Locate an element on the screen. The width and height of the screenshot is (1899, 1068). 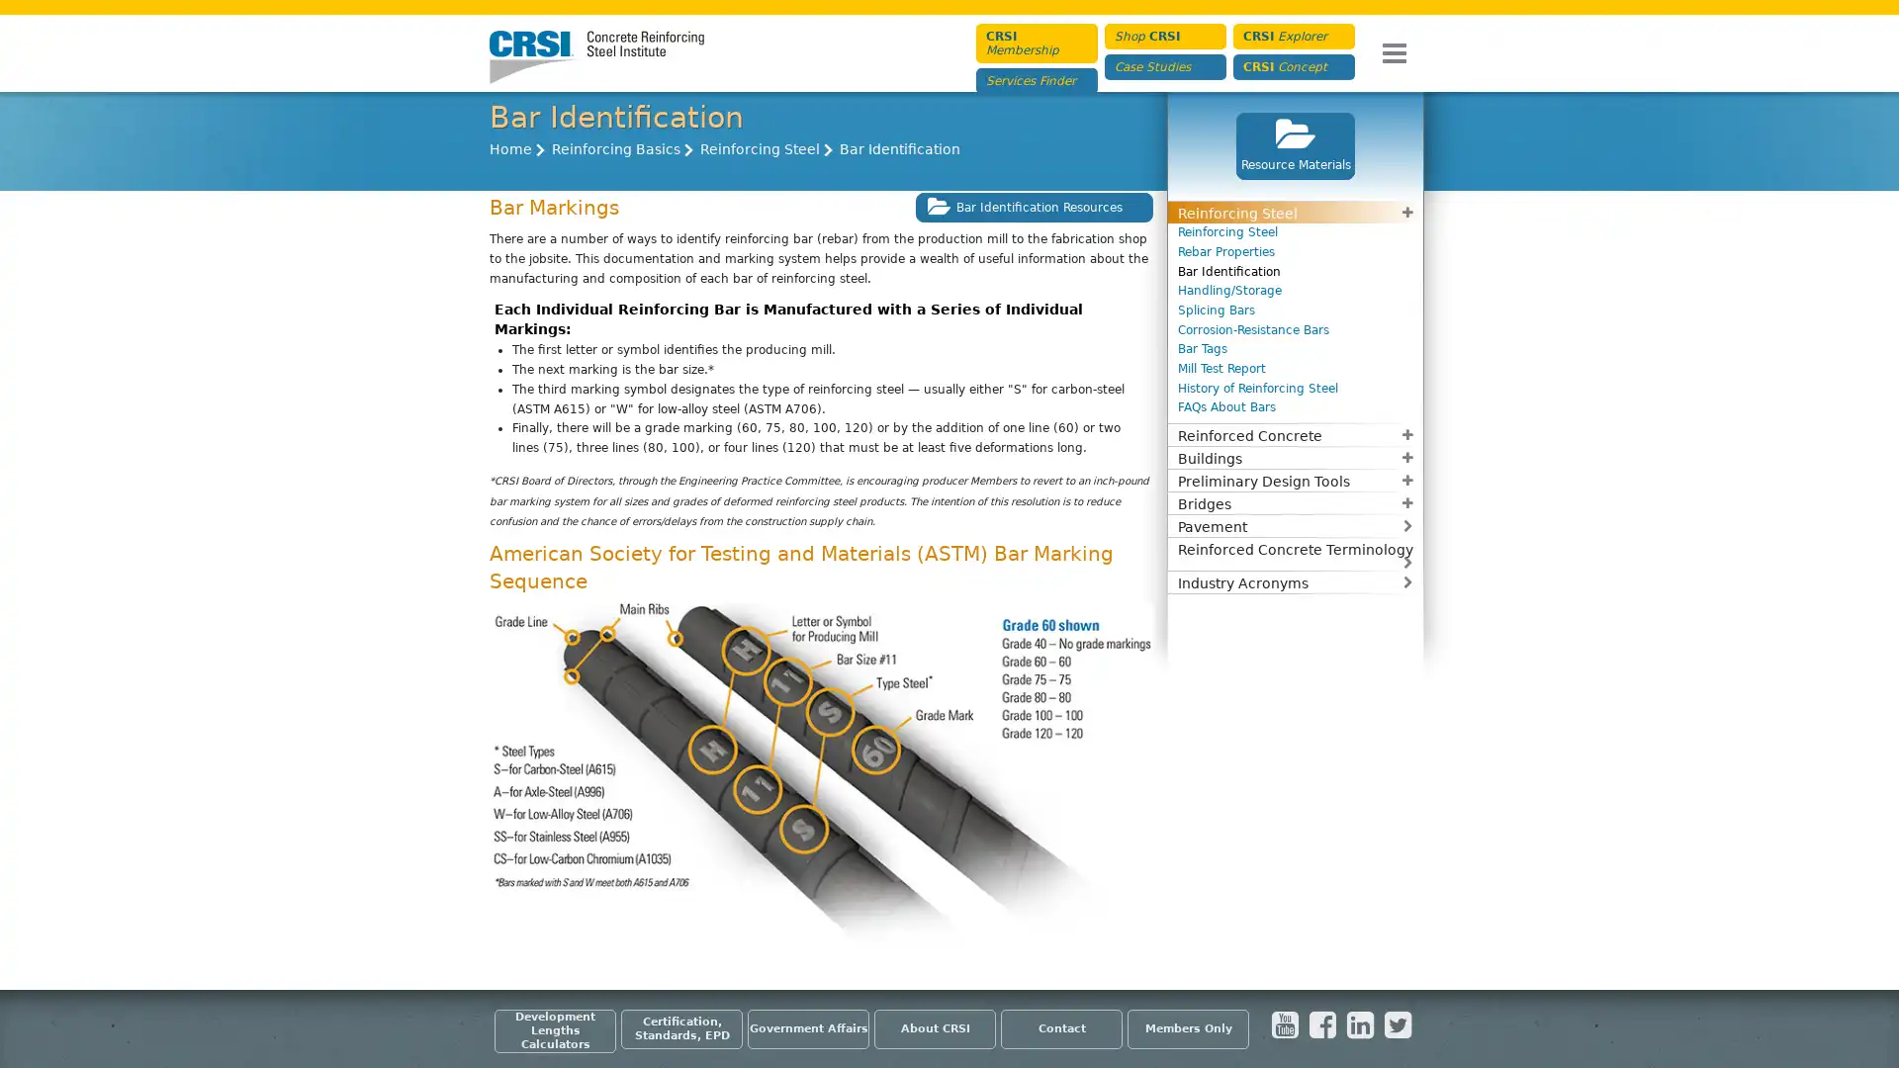
Shop CRSI is located at coordinates (1165, 37).